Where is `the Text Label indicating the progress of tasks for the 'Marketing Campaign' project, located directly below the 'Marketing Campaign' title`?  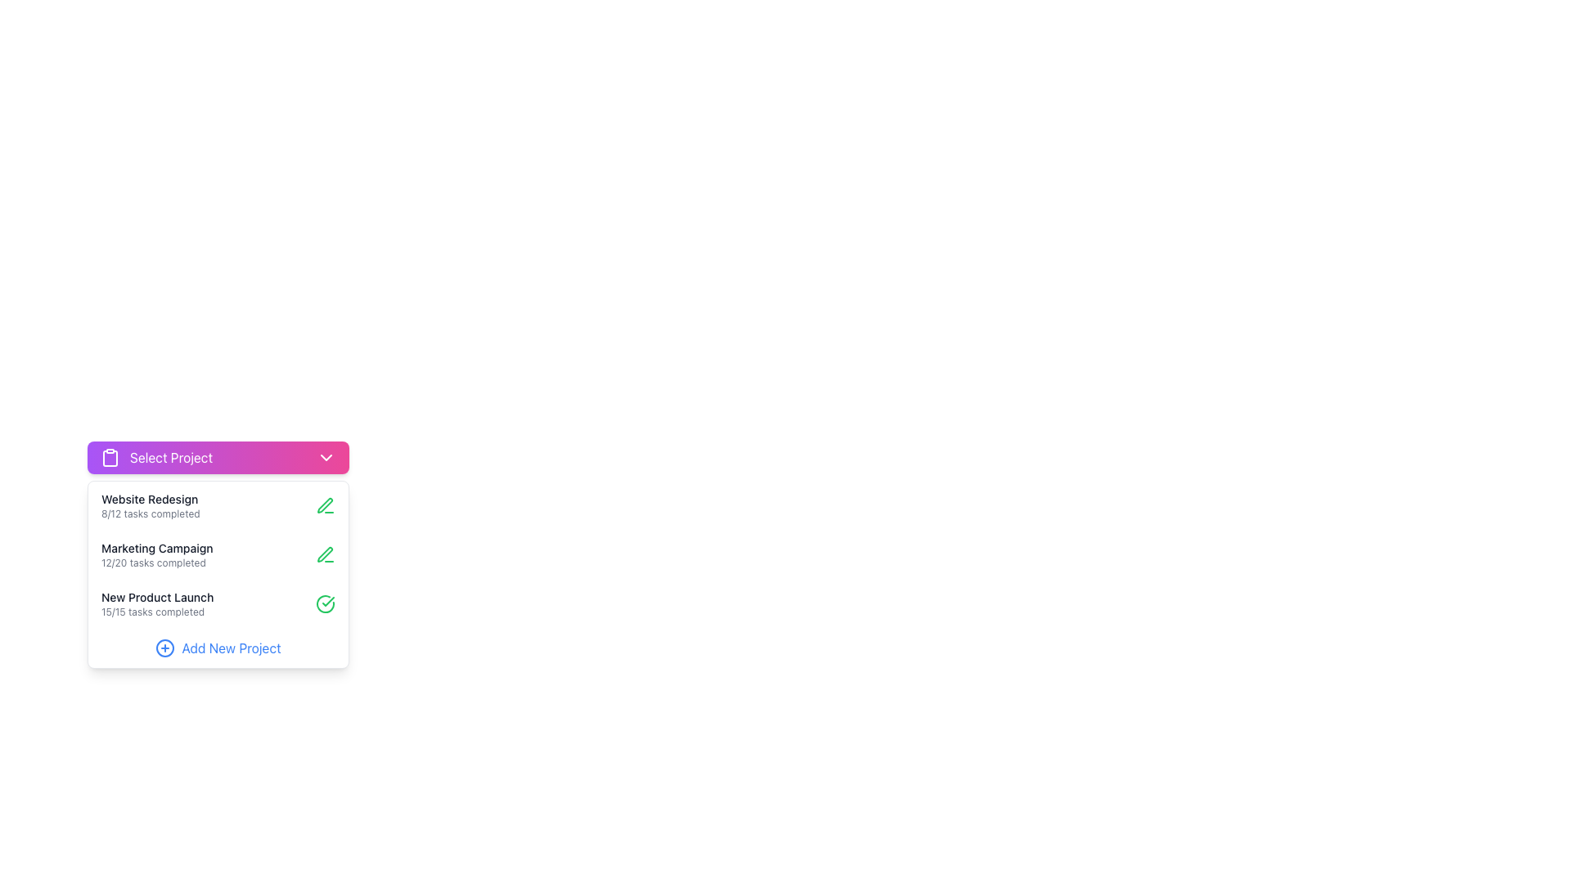 the Text Label indicating the progress of tasks for the 'Marketing Campaign' project, located directly below the 'Marketing Campaign' title is located at coordinates (157, 563).